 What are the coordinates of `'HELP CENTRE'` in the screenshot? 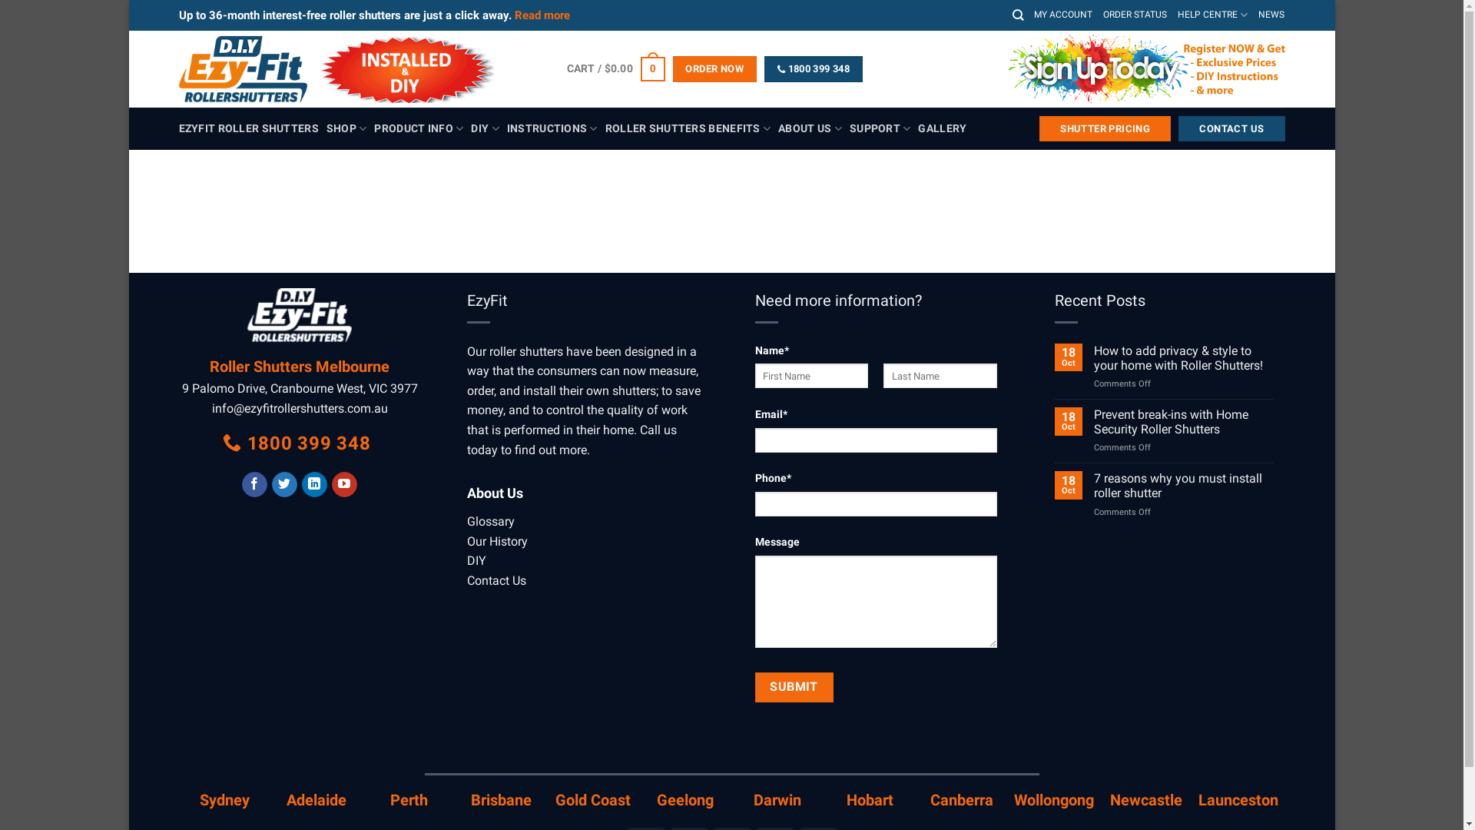 It's located at (1211, 15).